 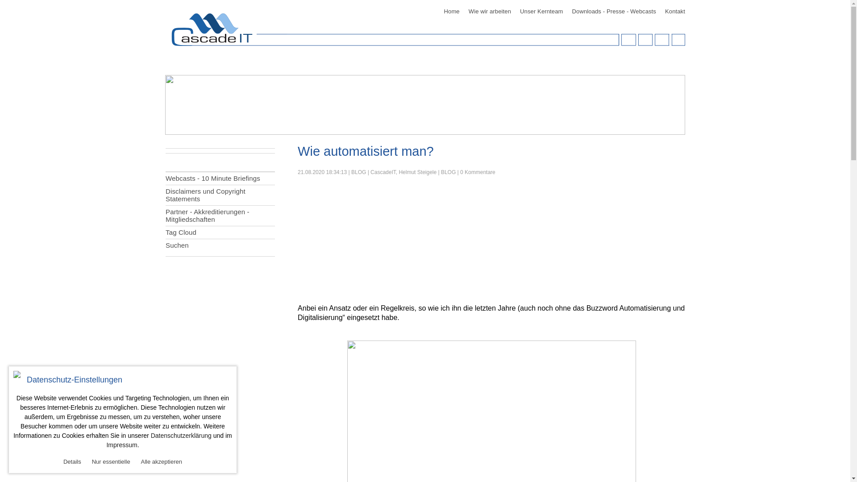 What do you see at coordinates (452, 12) in the screenshot?
I see `'Home'` at bounding box center [452, 12].